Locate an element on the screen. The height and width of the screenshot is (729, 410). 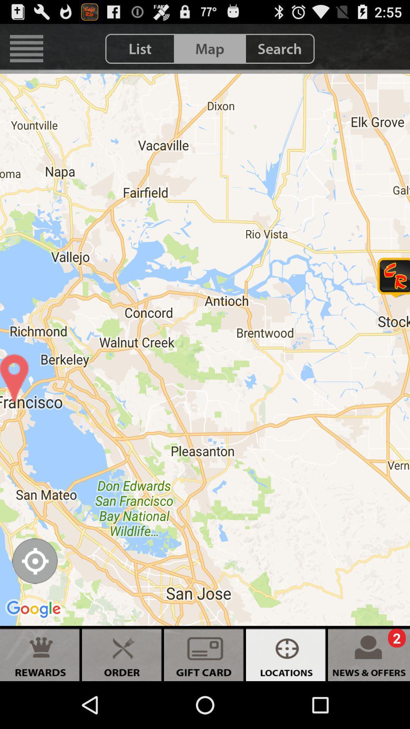
search icon is located at coordinates (279, 48).